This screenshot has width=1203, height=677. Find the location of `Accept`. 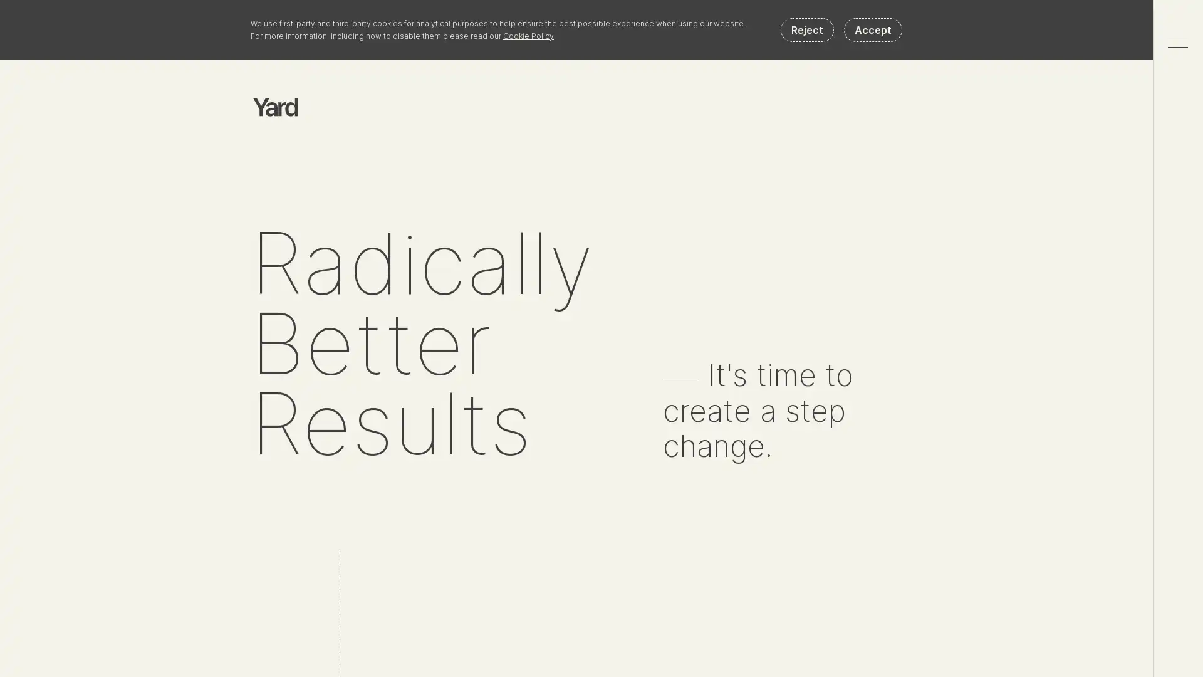

Accept is located at coordinates (872, 29).